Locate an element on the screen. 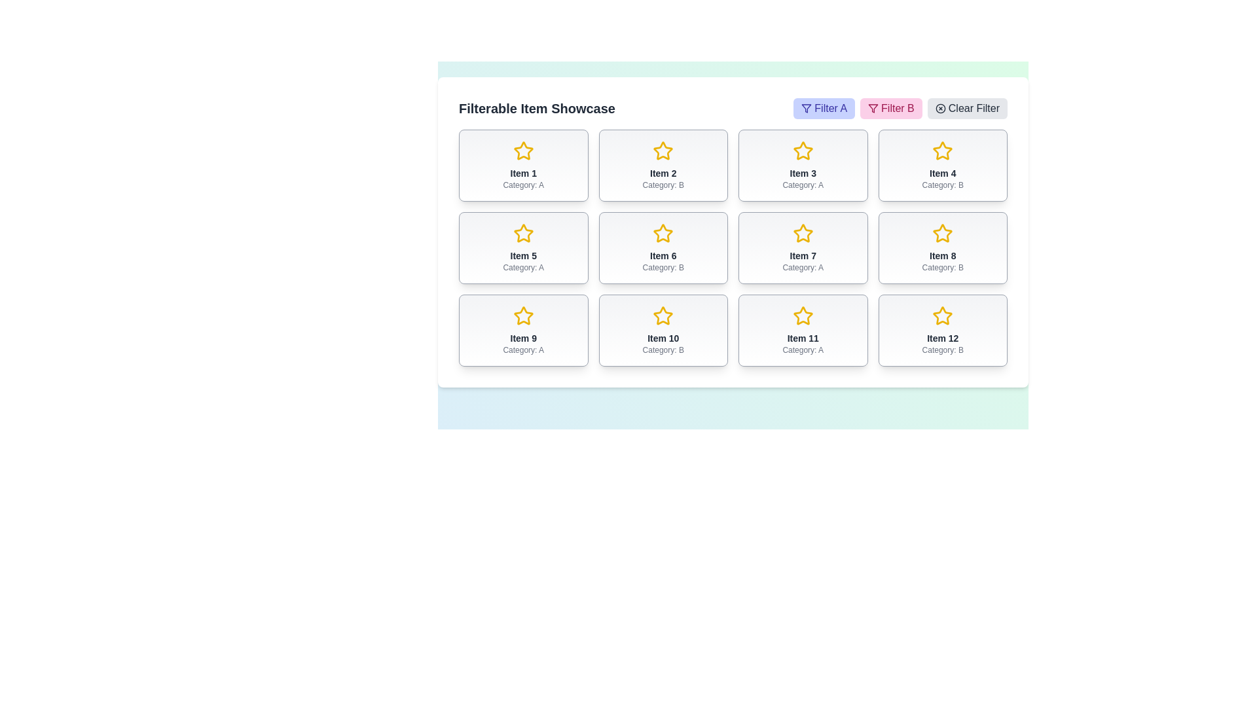 The width and height of the screenshot is (1257, 707). the filtering icon for 'Filter B' is located at coordinates (873, 107).